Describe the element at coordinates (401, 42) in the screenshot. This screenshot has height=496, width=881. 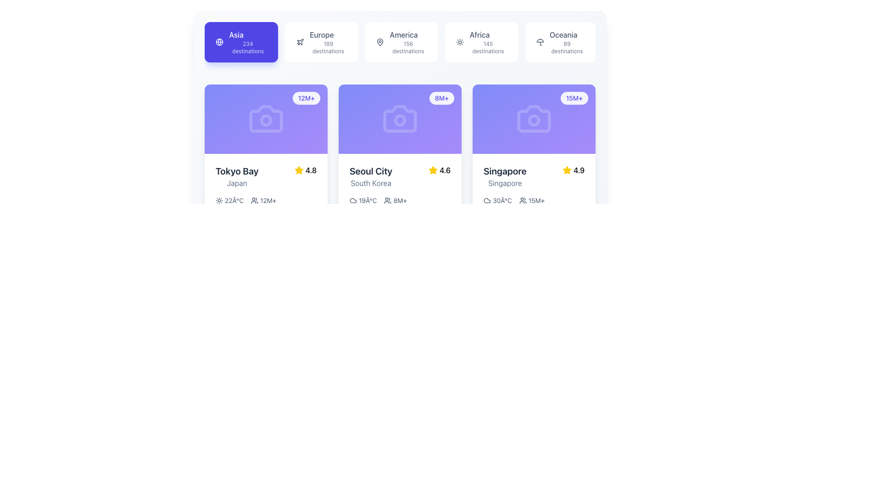
I see `the 'America' button, which is a rectangular clickable area with a white background and rounded corners, displaying the text 'America' above '156 destinations' along with a location pin icon on the left` at that location.